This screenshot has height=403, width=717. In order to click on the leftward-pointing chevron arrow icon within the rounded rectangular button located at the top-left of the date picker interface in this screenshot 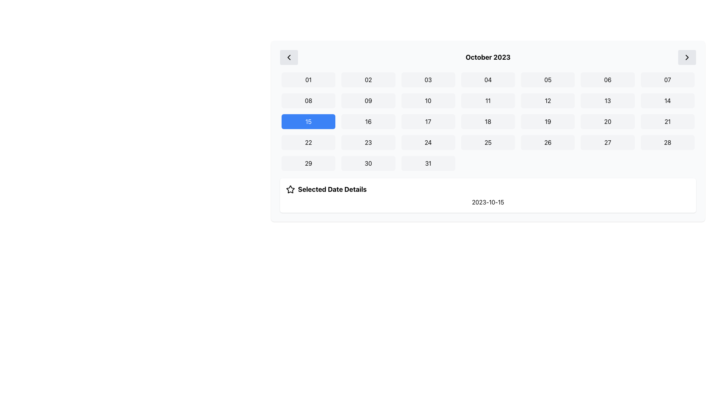, I will do `click(288, 57)`.